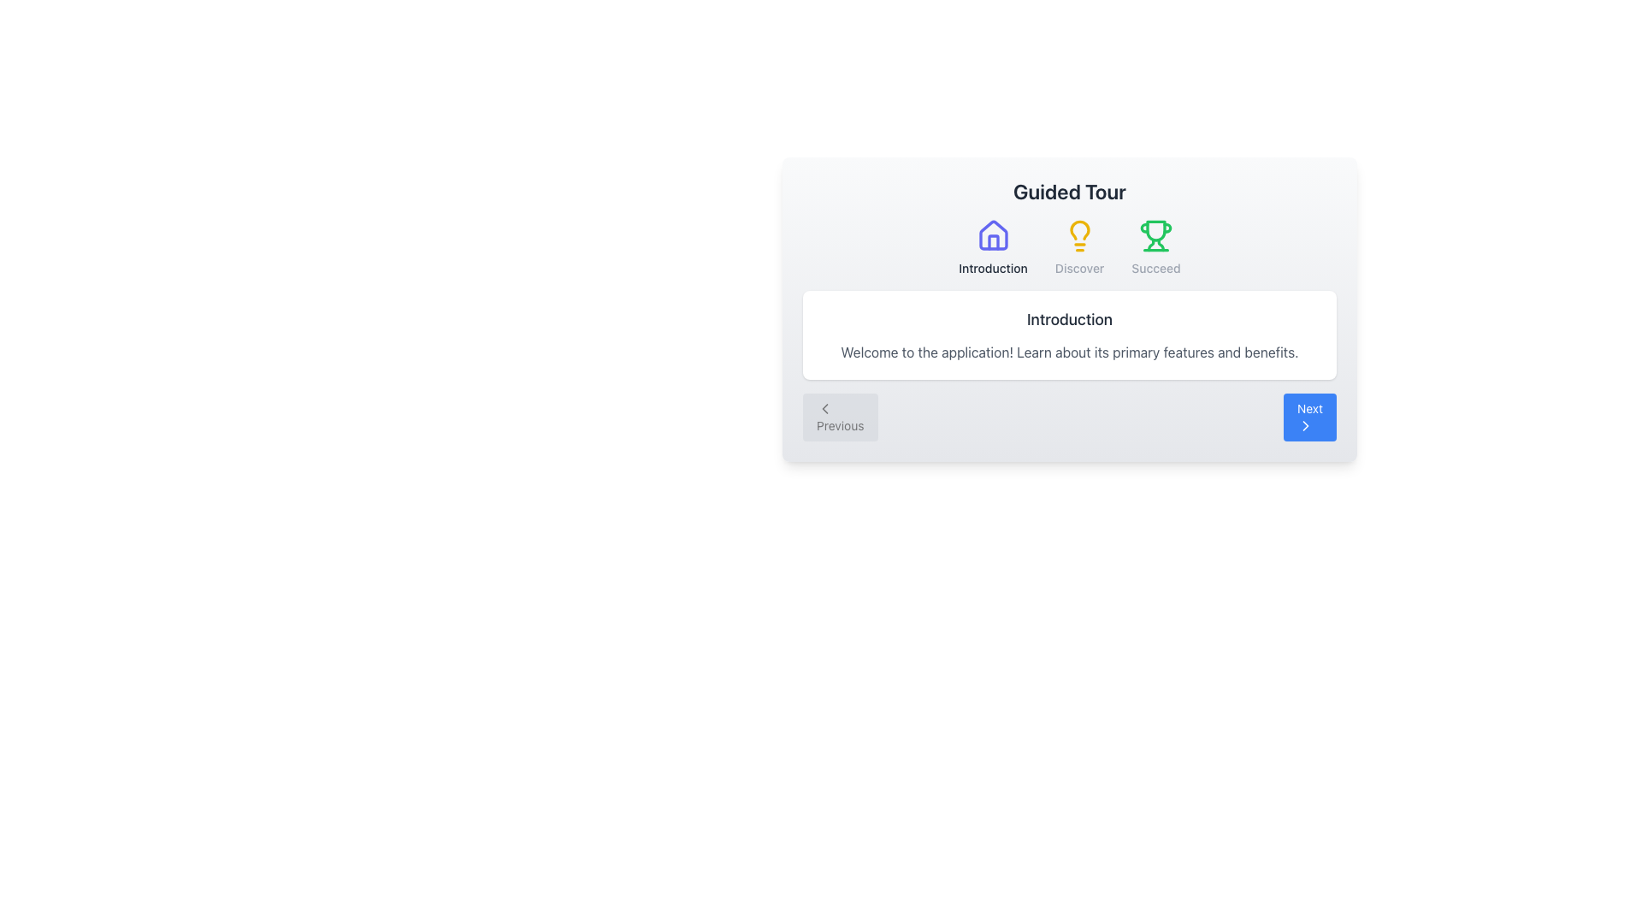 Image resolution: width=1642 pixels, height=924 pixels. I want to click on the Interactive tab or menu item with a trophy icon and 'Succeed' label, so click(1156, 247).